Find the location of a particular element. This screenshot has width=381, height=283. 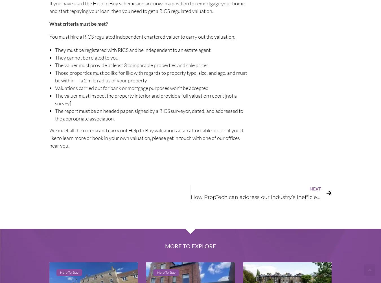

'Next' is located at coordinates (315, 188).